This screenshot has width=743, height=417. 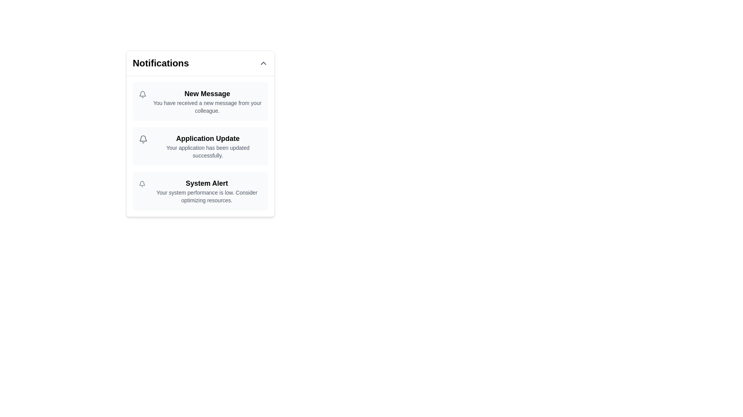 What do you see at coordinates (200, 133) in the screenshot?
I see `the second notification card in the notification list that informs about an application update` at bounding box center [200, 133].